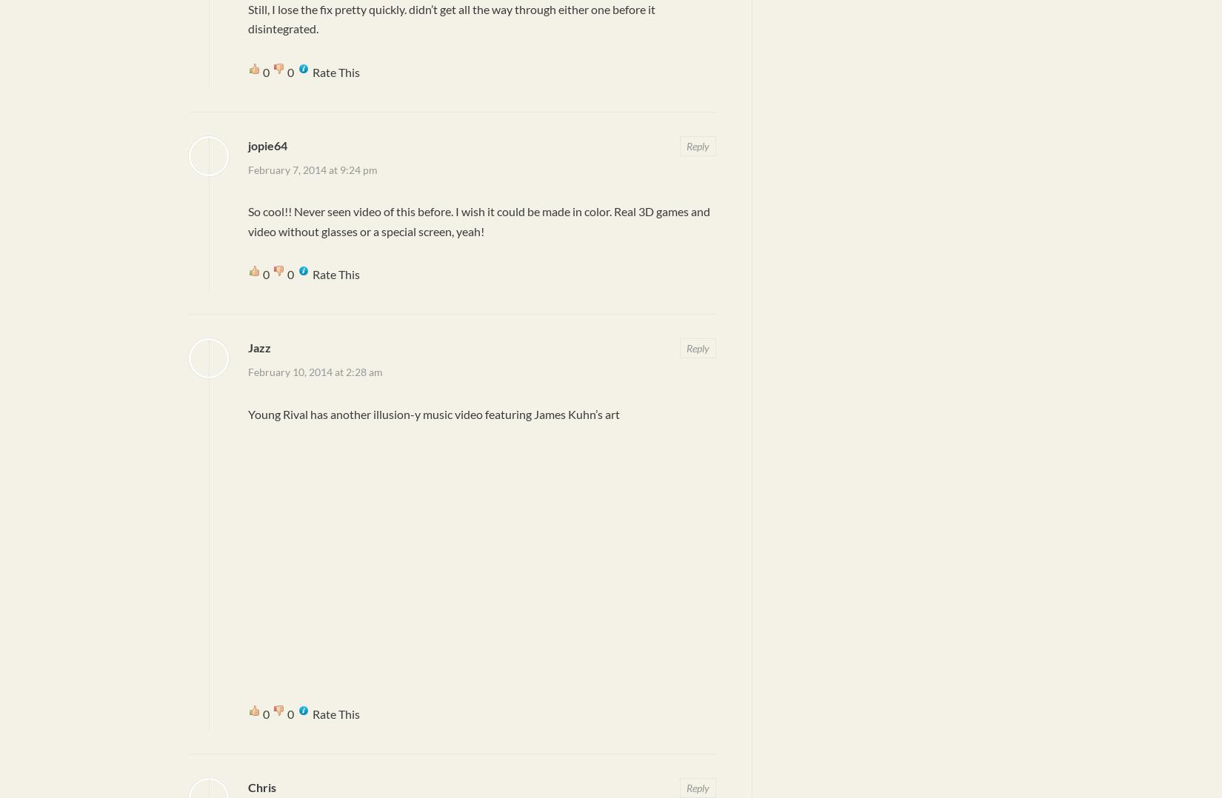 The width and height of the screenshot is (1222, 798). Describe the element at coordinates (247, 346) in the screenshot. I see `'Jazz'` at that location.